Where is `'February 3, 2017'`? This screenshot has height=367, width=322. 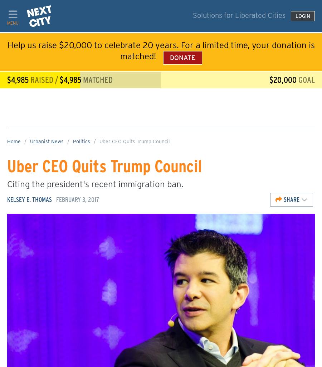 'February 3, 2017' is located at coordinates (56, 199).